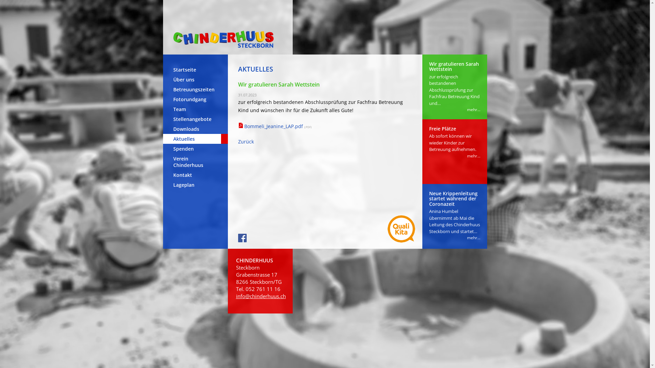 The image size is (655, 368). Describe the element at coordinates (195, 99) in the screenshot. I see `'Fotorundgang'` at that location.